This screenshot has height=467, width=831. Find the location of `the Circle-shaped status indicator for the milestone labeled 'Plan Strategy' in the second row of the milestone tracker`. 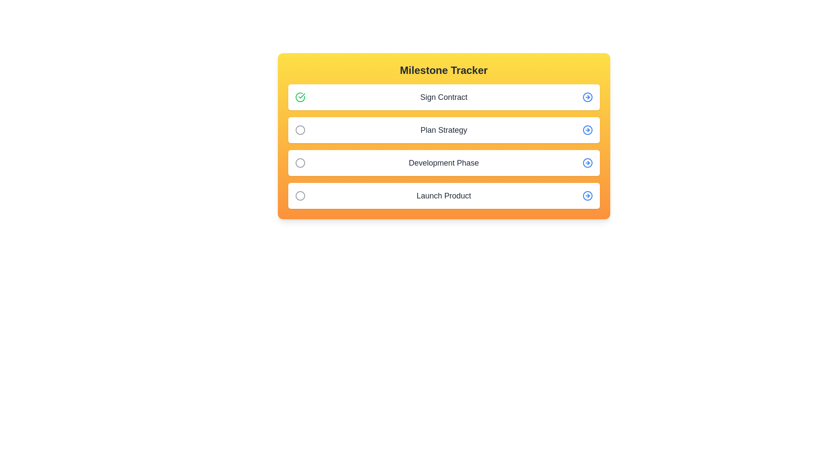

the Circle-shaped status indicator for the milestone labeled 'Plan Strategy' in the second row of the milestone tracker is located at coordinates (300, 130).